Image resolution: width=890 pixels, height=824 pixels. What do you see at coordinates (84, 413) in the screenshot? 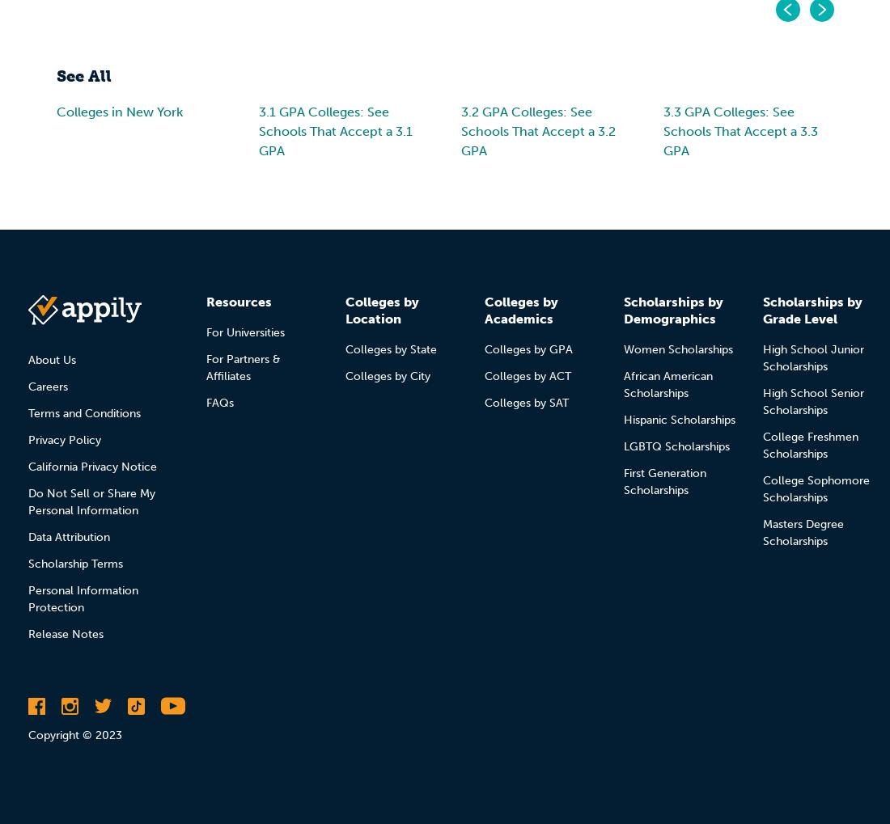
I see `'Terms and Conditions'` at bounding box center [84, 413].